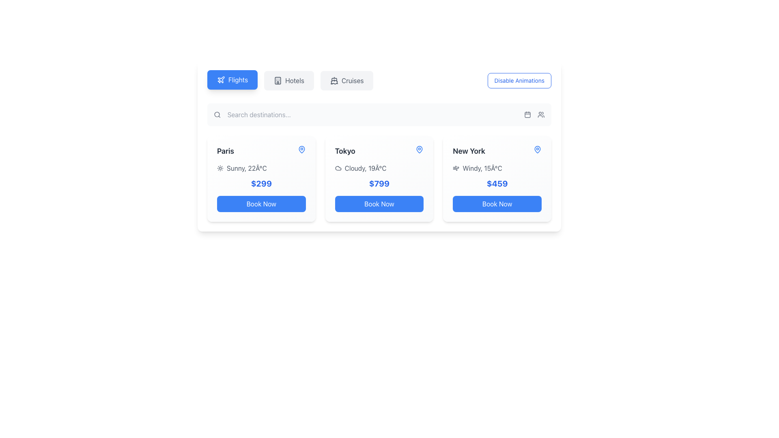 The height and width of the screenshot is (438, 779). Describe the element at coordinates (497, 203) in the screenshot. I see `the 'Book Now' button located at the bottom center of the New York information card to observe the visual hover effect` at that location.